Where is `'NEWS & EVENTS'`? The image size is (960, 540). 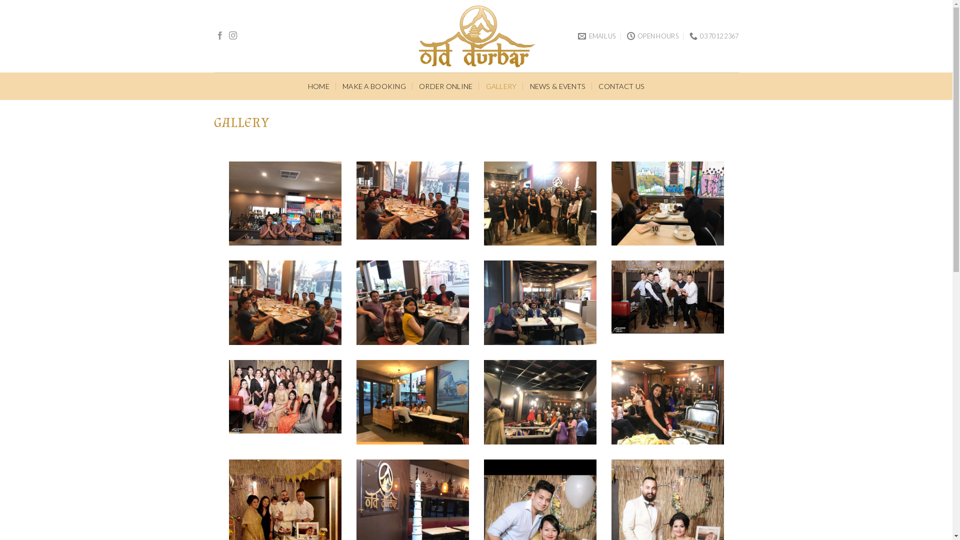
'NEWS & EVENTS' is located at coordinates (557, 85).